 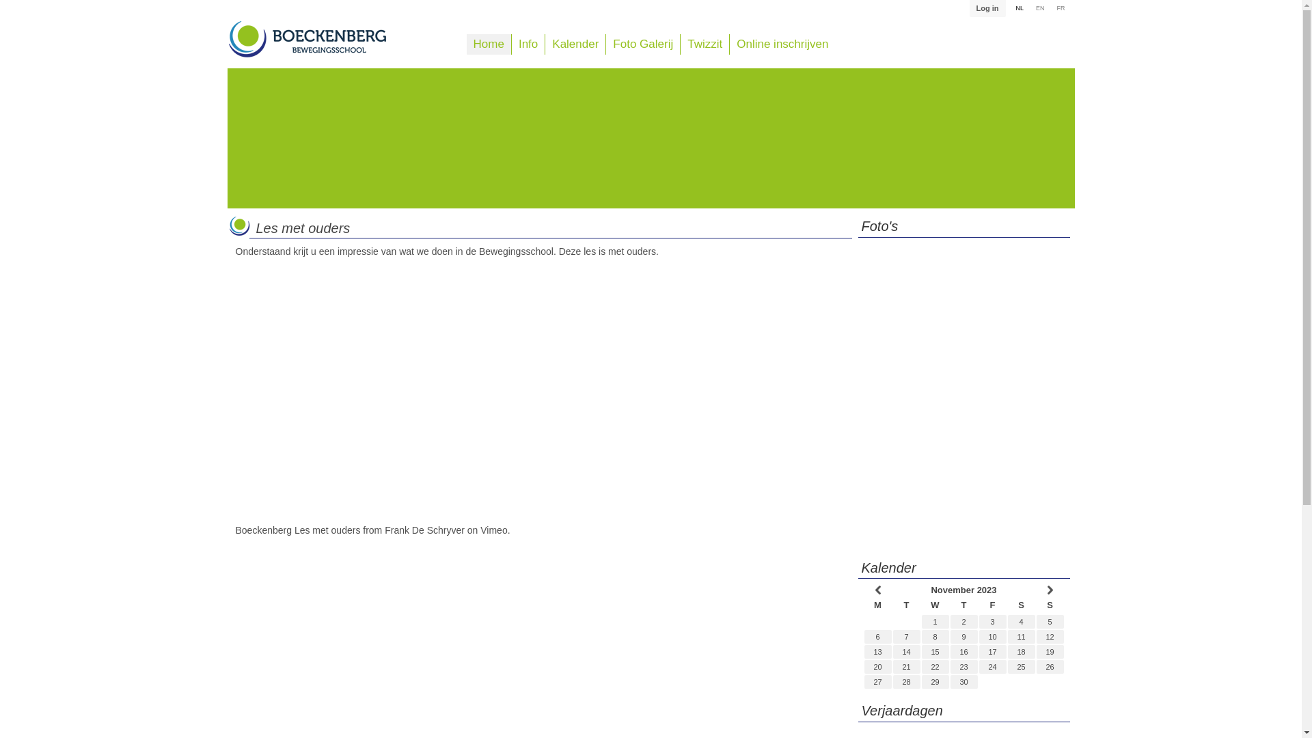 What do you see at coordinates (705, 44) in the screenshot?
I see `'Twizzit'` at bounding box center [705, 44].